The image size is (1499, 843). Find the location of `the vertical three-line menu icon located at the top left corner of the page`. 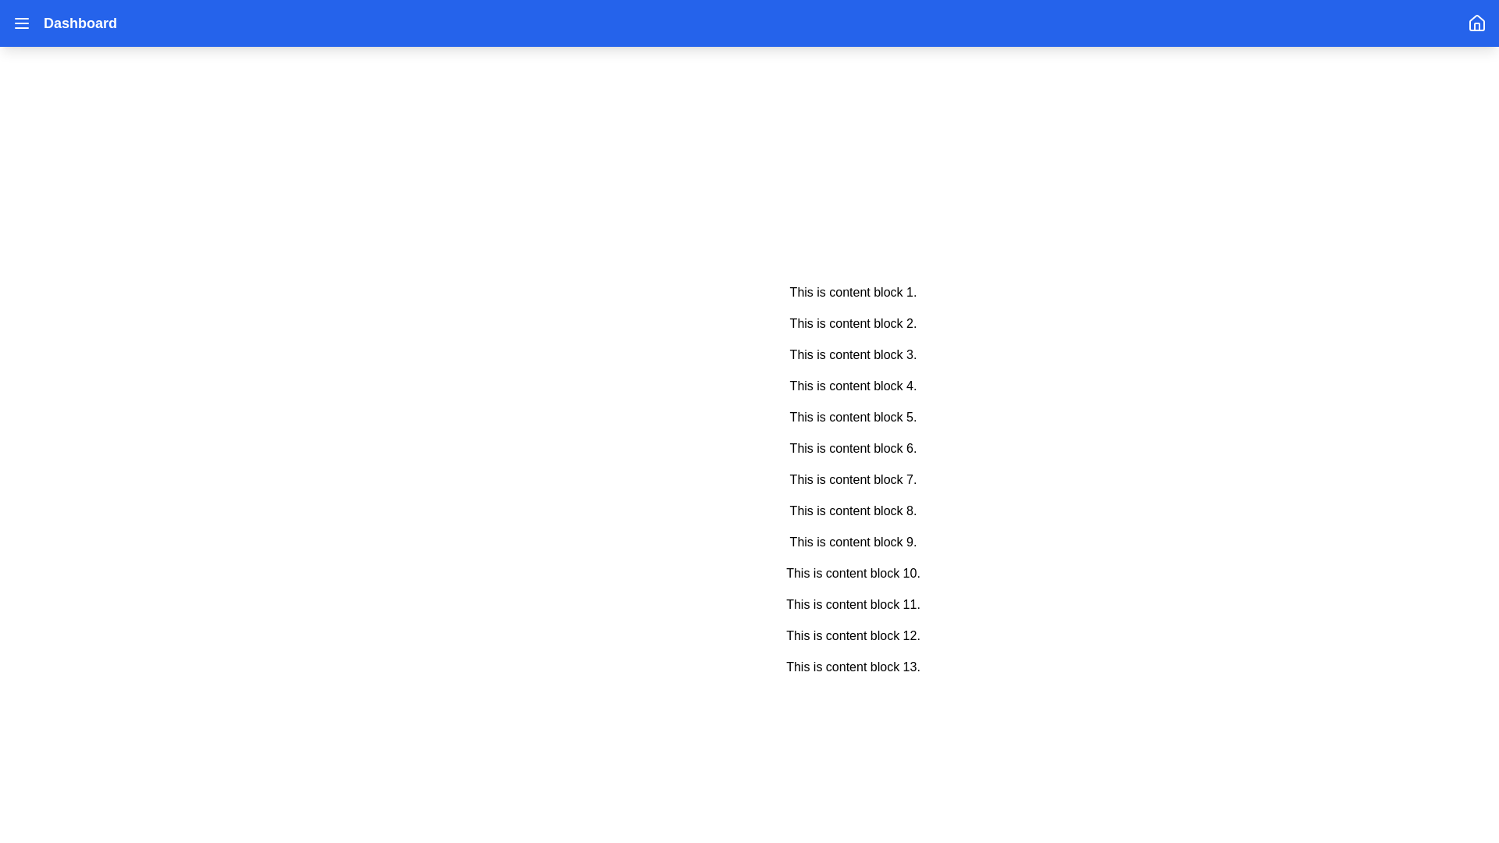

the vertical three-line menu icon located at the top left corner of the page is located at coordinates (22, 23).